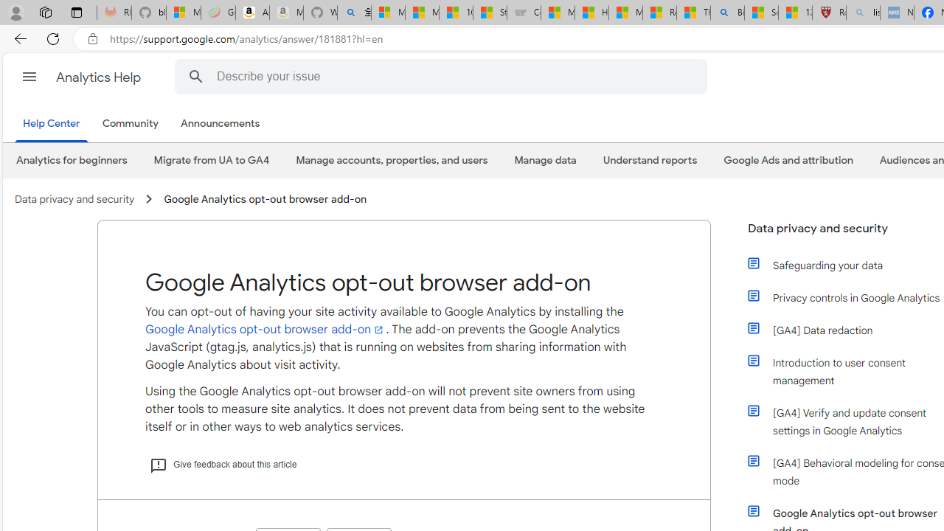 The height and width of the screenshot is (531, 944). What do you see at coordinates (761, 13) in the screenshot?
I see `'Science - MSN'` at bounding box center [761, 13].